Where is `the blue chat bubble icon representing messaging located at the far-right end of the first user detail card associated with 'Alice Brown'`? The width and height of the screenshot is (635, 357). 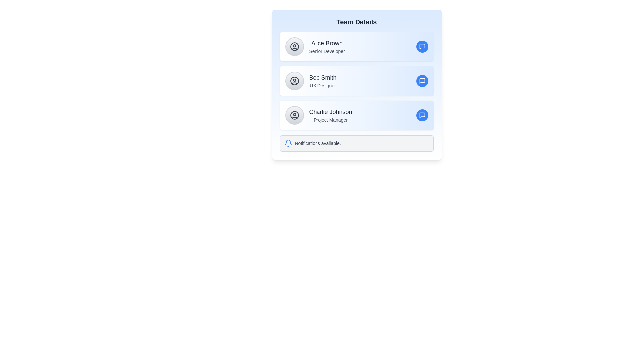
the blue chat bubble icon representing messaging located at the far-right end of the first user detail card associated with 'Alice Brown' is located at coordinates (422, 46).